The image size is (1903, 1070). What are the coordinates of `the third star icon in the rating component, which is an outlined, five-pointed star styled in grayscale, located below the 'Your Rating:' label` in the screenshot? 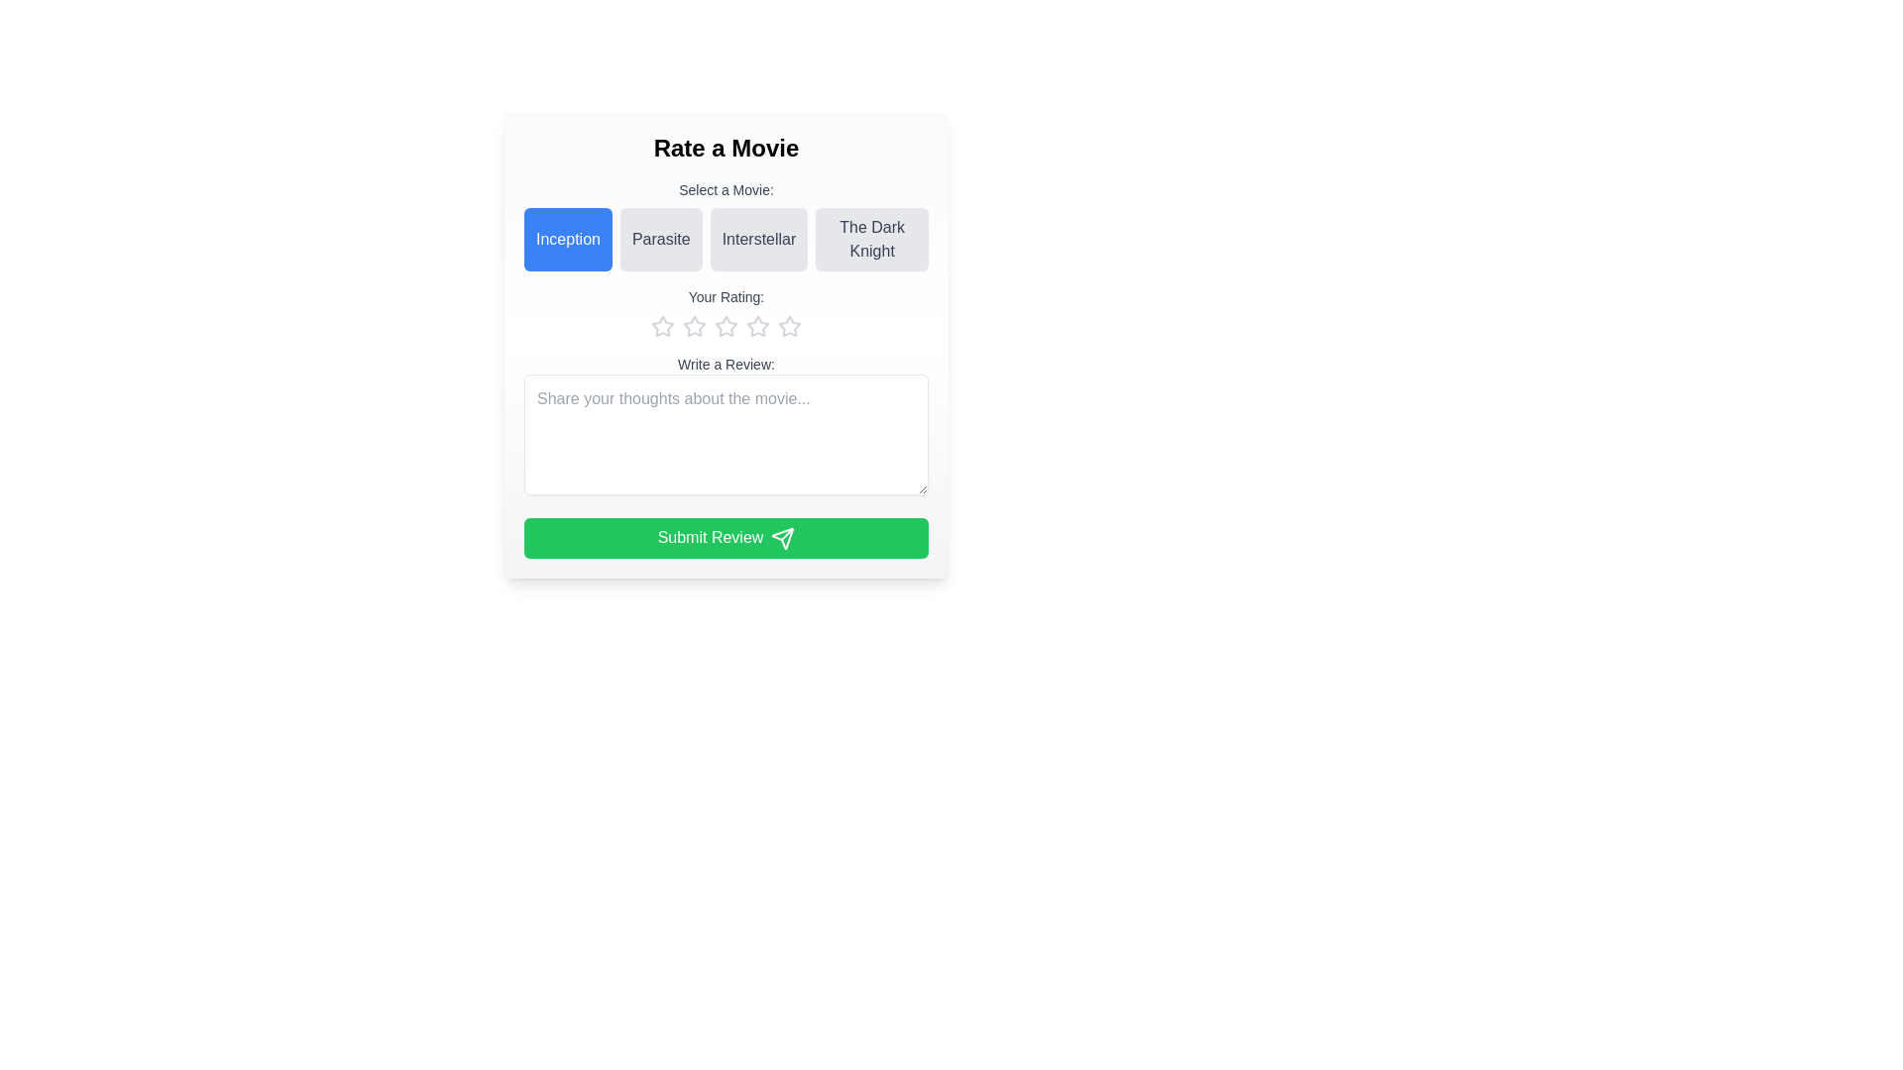 It's located at (726, 325).